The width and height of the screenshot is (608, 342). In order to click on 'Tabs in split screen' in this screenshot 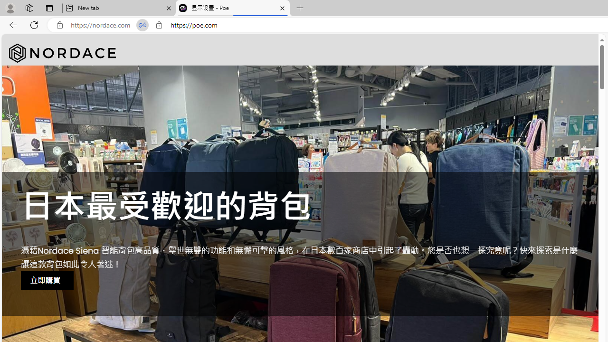, I will do `click(142, 25)`.